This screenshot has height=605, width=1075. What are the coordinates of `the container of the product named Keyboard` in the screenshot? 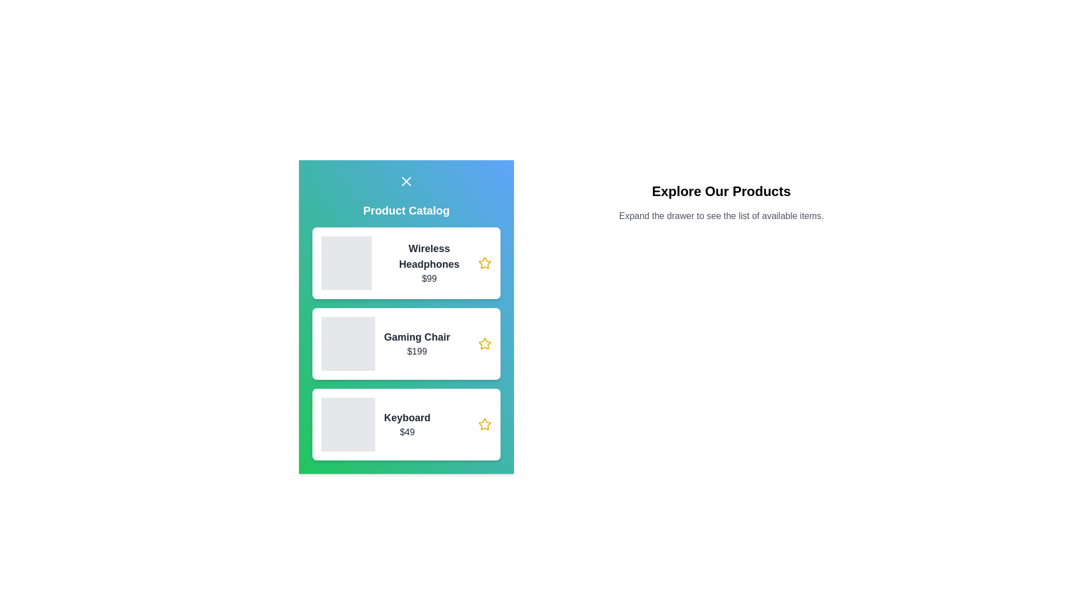 It's located at (405, 425).